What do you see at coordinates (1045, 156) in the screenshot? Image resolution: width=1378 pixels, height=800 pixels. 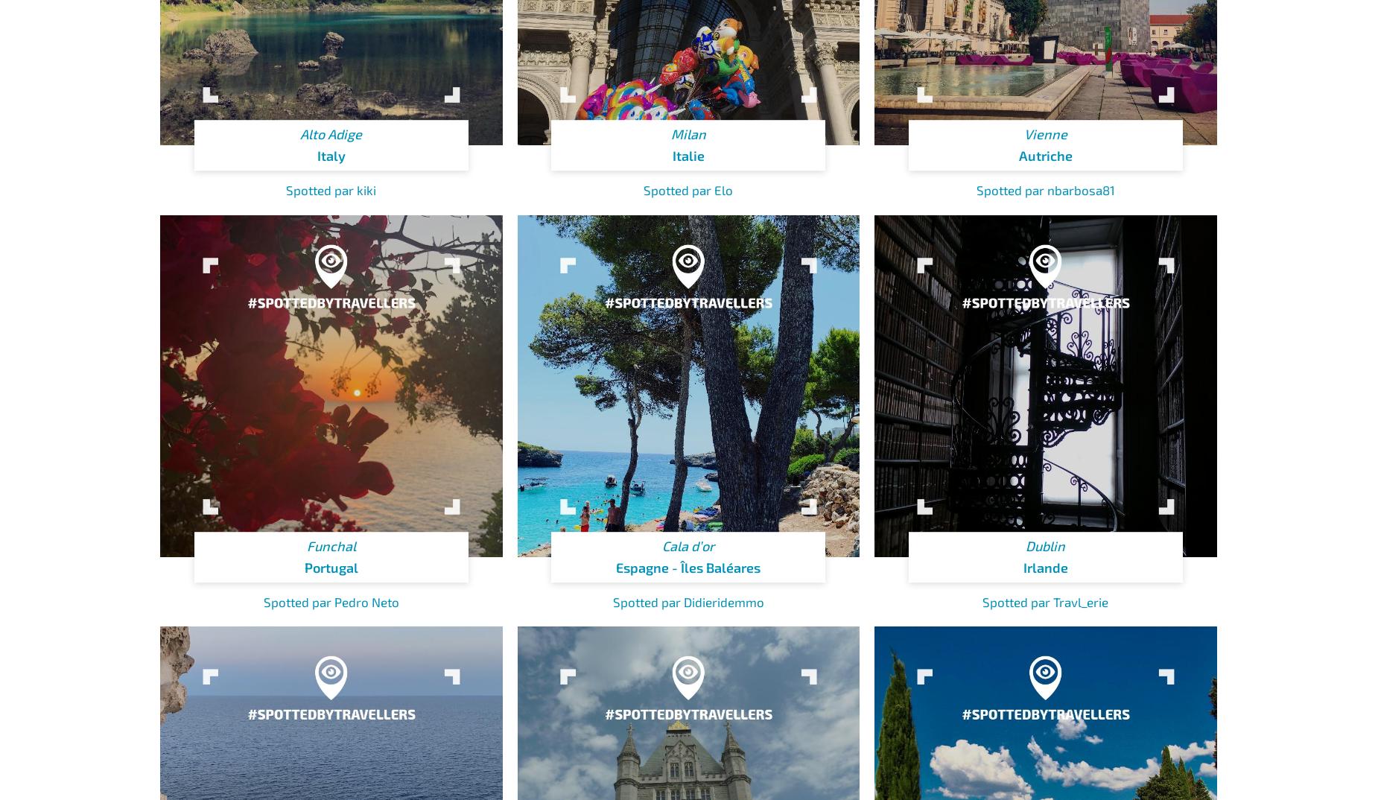 I see `'Autriche'` at bounding box center [1045, 156].